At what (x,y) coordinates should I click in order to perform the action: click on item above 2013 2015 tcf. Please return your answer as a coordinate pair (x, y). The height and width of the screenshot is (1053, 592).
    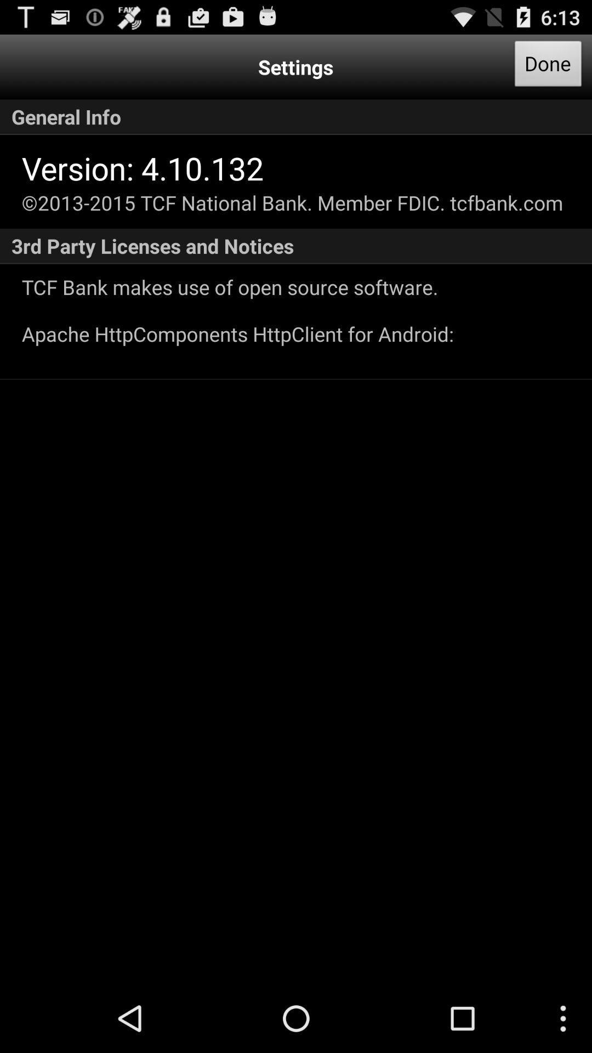
    Looking at the image, I should click on (142, 167).